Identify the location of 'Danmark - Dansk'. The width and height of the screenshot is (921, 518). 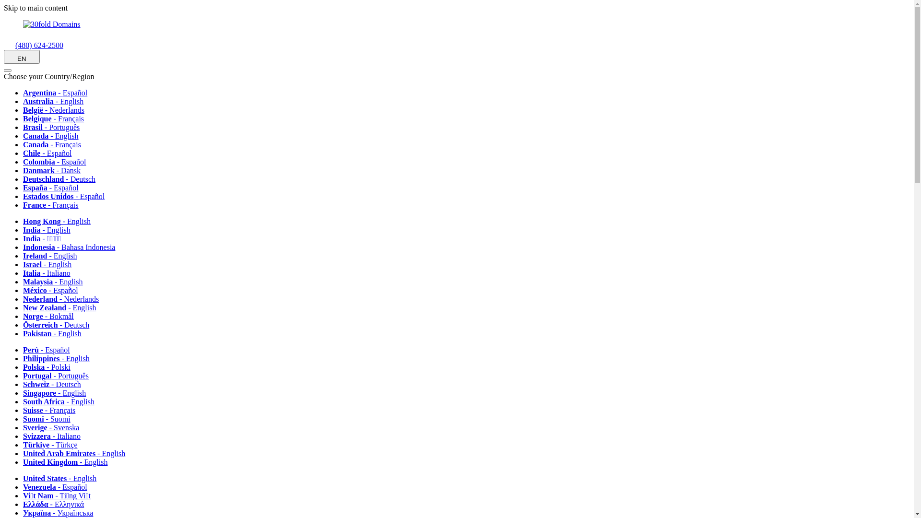
(23, 170).